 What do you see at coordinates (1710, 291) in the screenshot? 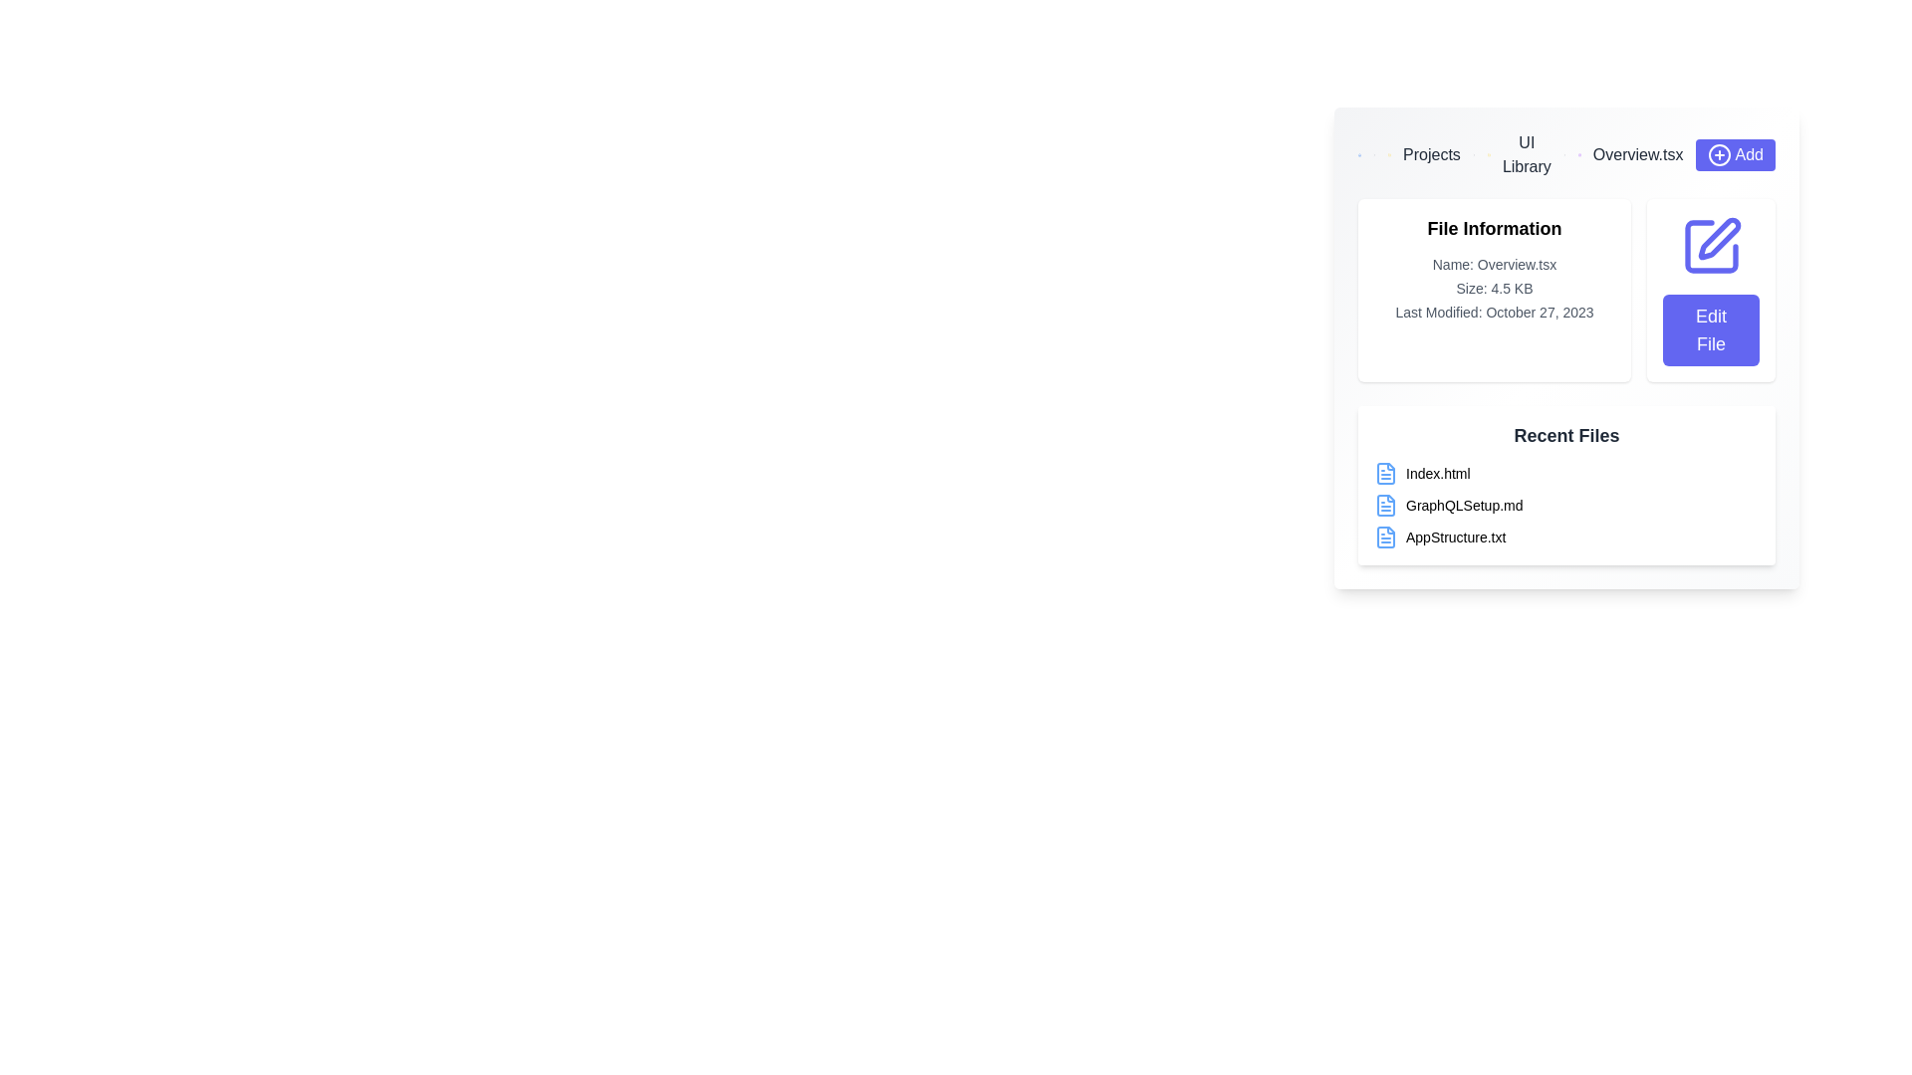
I see `the button that initiates the file editing process located in the right column of the 'File Information' section, above the 'Recent Files' section for keyboard navigation` at bounding box center [1710, 291].